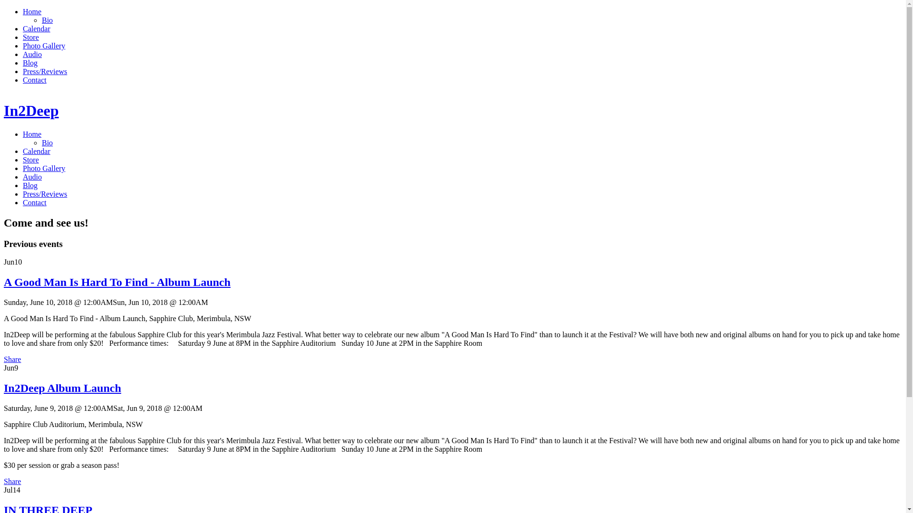  I want to click on 'Share', so click(12, 481).